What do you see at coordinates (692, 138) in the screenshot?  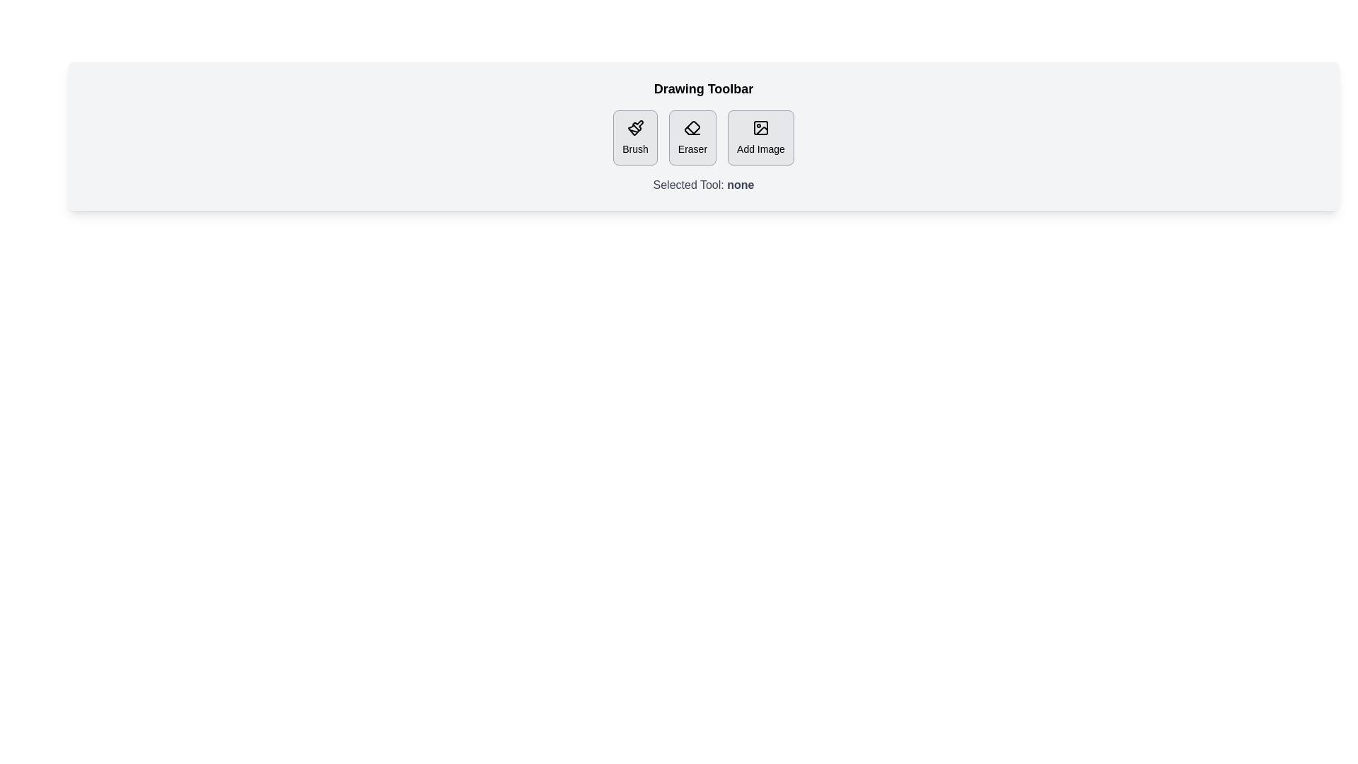 I see `the Eraser button to observe the hover effect` at bounding box center [692, 138].